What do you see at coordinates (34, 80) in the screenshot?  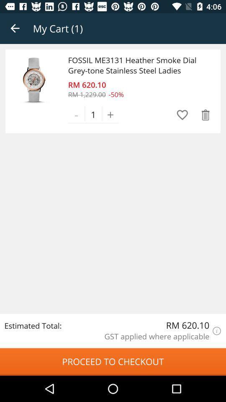 I see `the icon to the left of the fossil me3131 heather item` at bounding box center [34, 80].